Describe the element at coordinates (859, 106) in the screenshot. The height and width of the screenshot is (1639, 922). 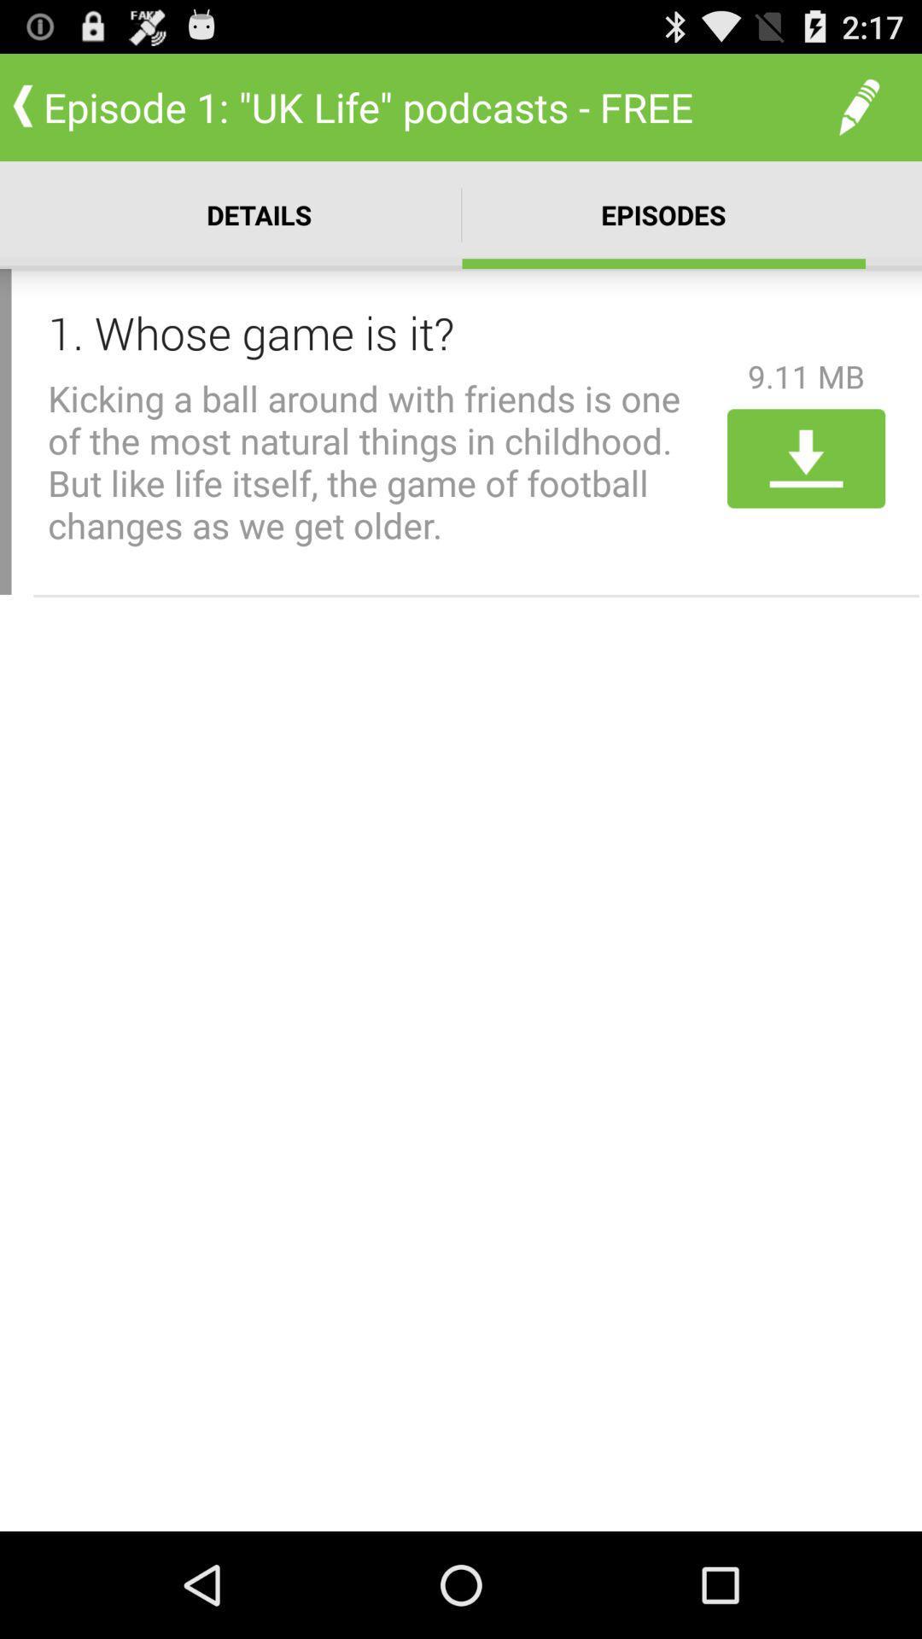
I see `item above the 9.11 mb item` at that location.